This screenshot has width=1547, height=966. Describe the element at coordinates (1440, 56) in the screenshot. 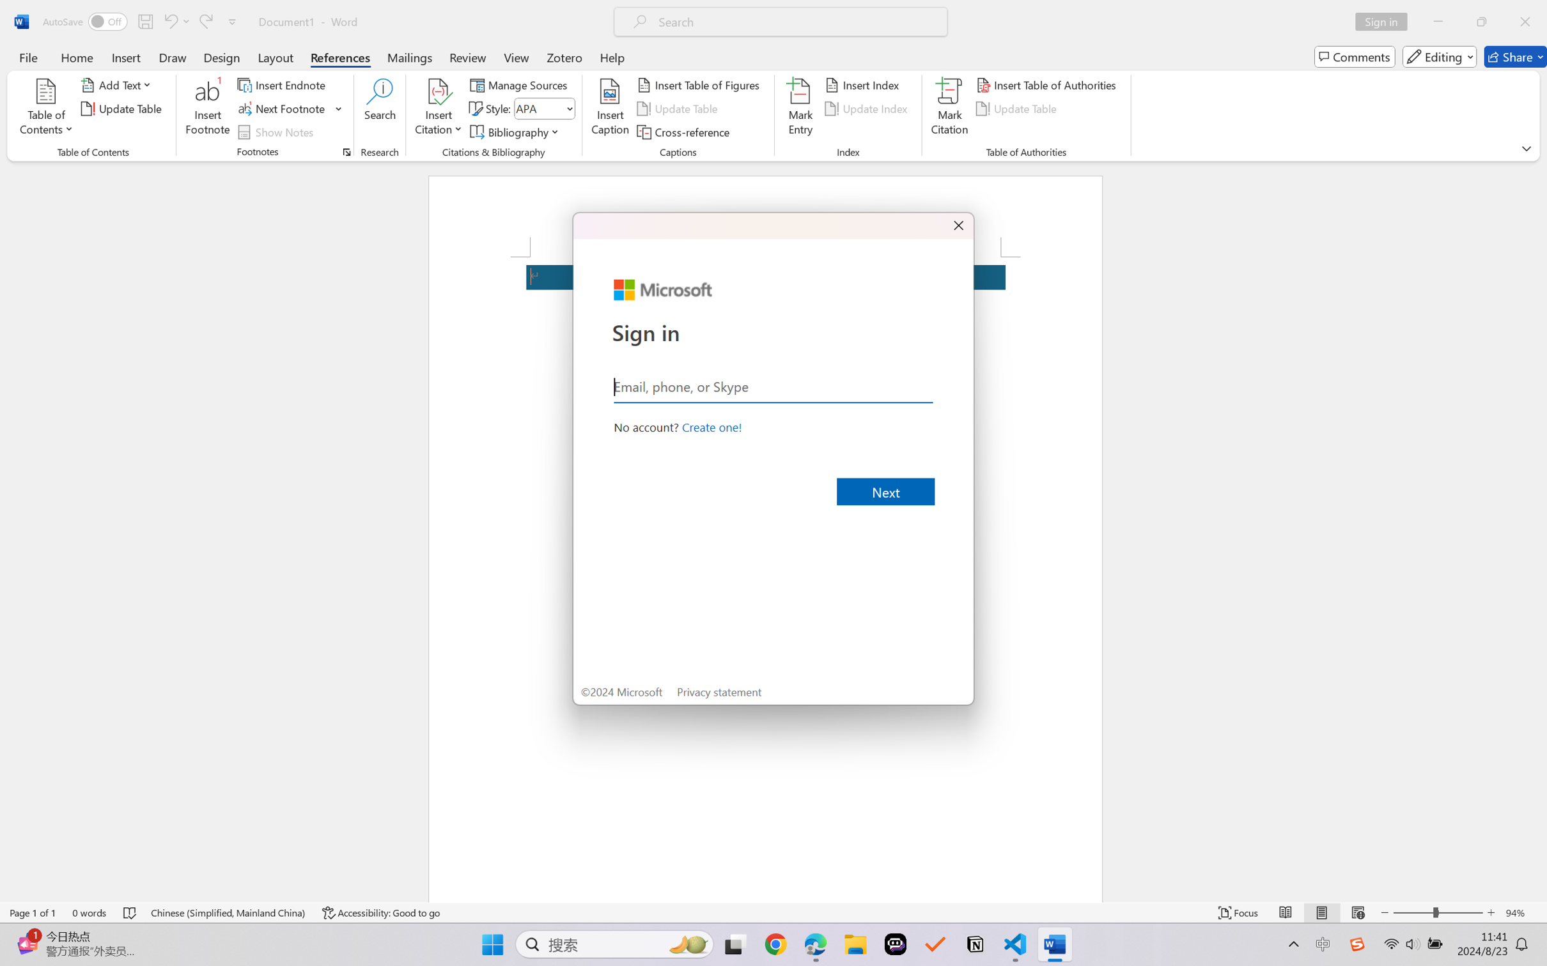

I see `'Editing'` at that location.